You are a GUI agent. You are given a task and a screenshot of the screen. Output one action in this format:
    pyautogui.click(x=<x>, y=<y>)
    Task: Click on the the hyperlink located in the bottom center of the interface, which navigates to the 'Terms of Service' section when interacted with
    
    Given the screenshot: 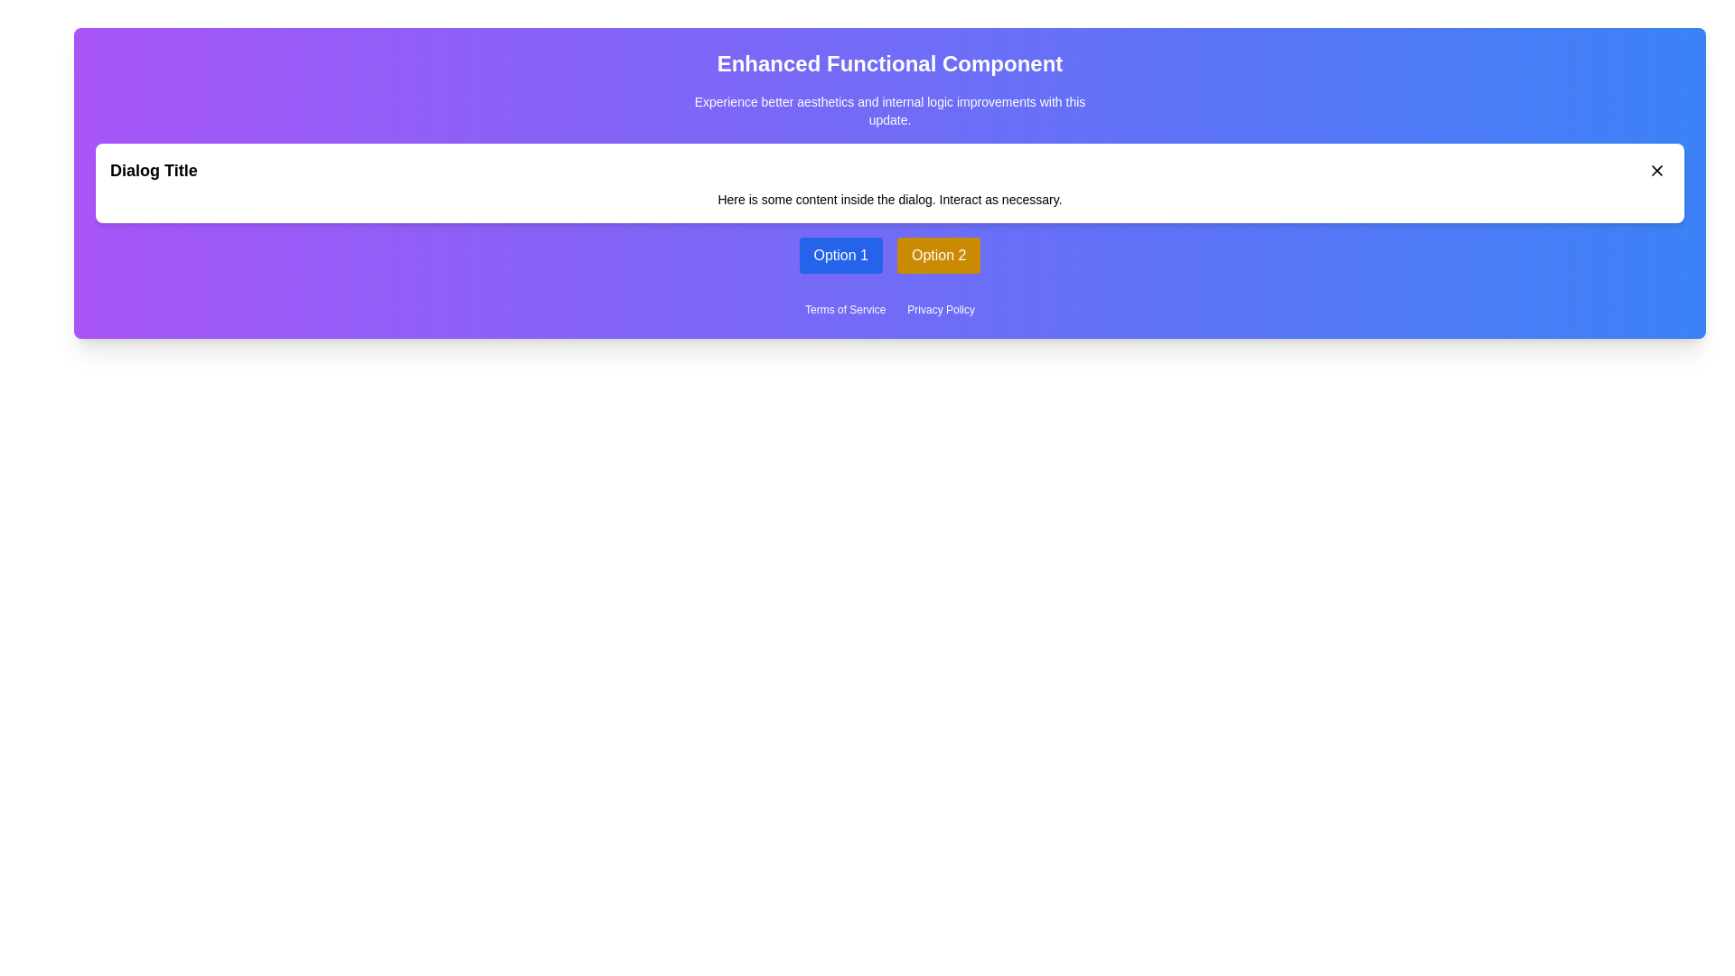 What is the action you would take?
    pyautogui.click(x=844, y=309)
    